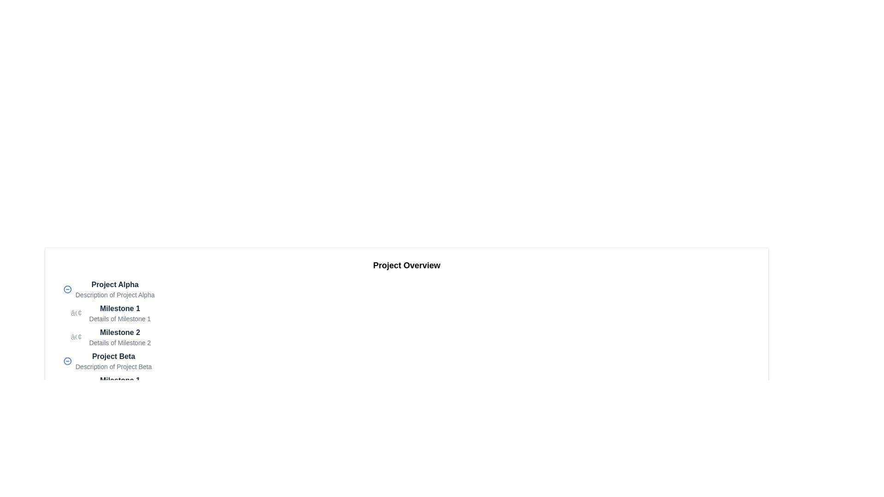 Image resolution: width=884 pixels, height=497 pixels. What do you see at coordinates (406, 266) in the screenshot?
I see `title from the text label that serves as a section header for the project details panel, located at the top of the panel` at bounding box center [406, 266].